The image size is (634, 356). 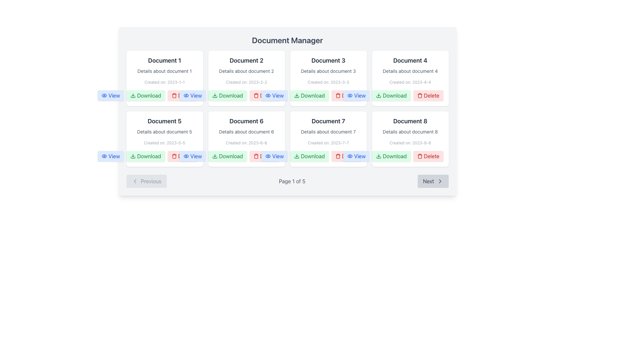 What do you see at coordinates (246, 143) in the screenshot?
I see `the static text label providing metadata about the creation date of Document 6, located below 'Details about document 6' and above the action buttons` at bounding box center [246, 143].